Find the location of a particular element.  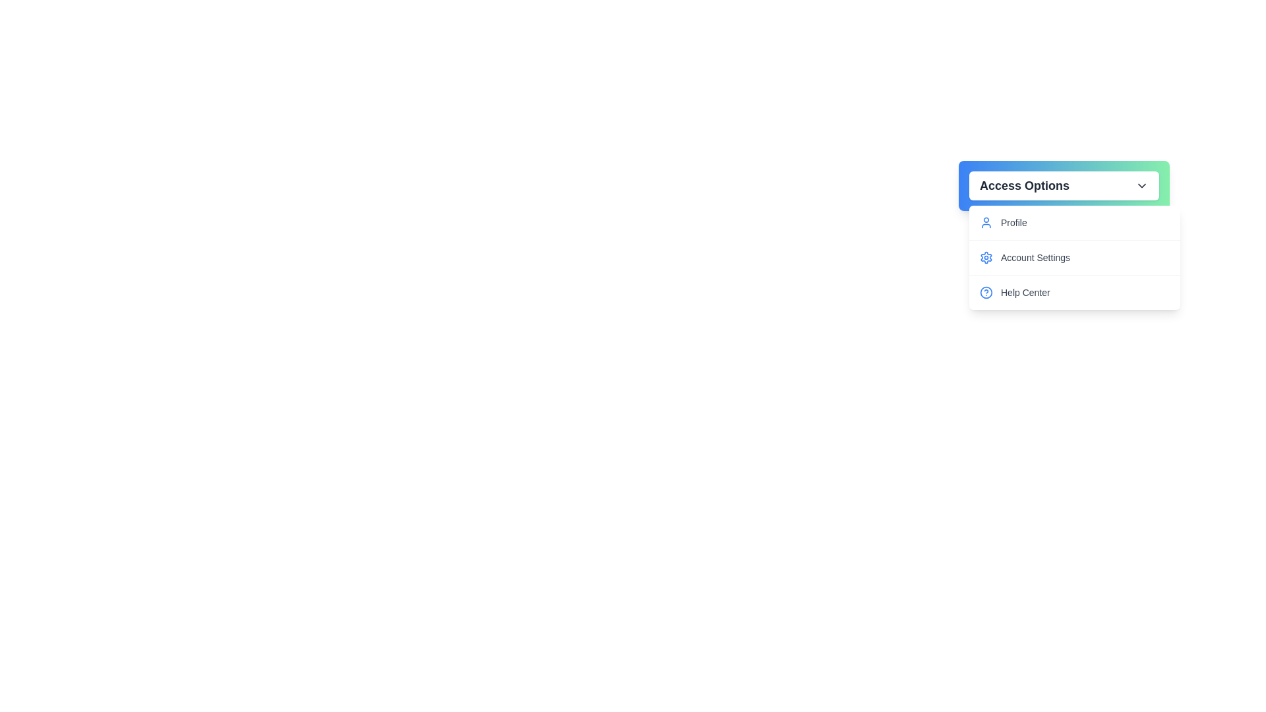

the gear-shaped blue icon representing the settings symbol, which is part of the 'Account Settings' menu item under 'Access Options' is located at coordinates (986, 257).